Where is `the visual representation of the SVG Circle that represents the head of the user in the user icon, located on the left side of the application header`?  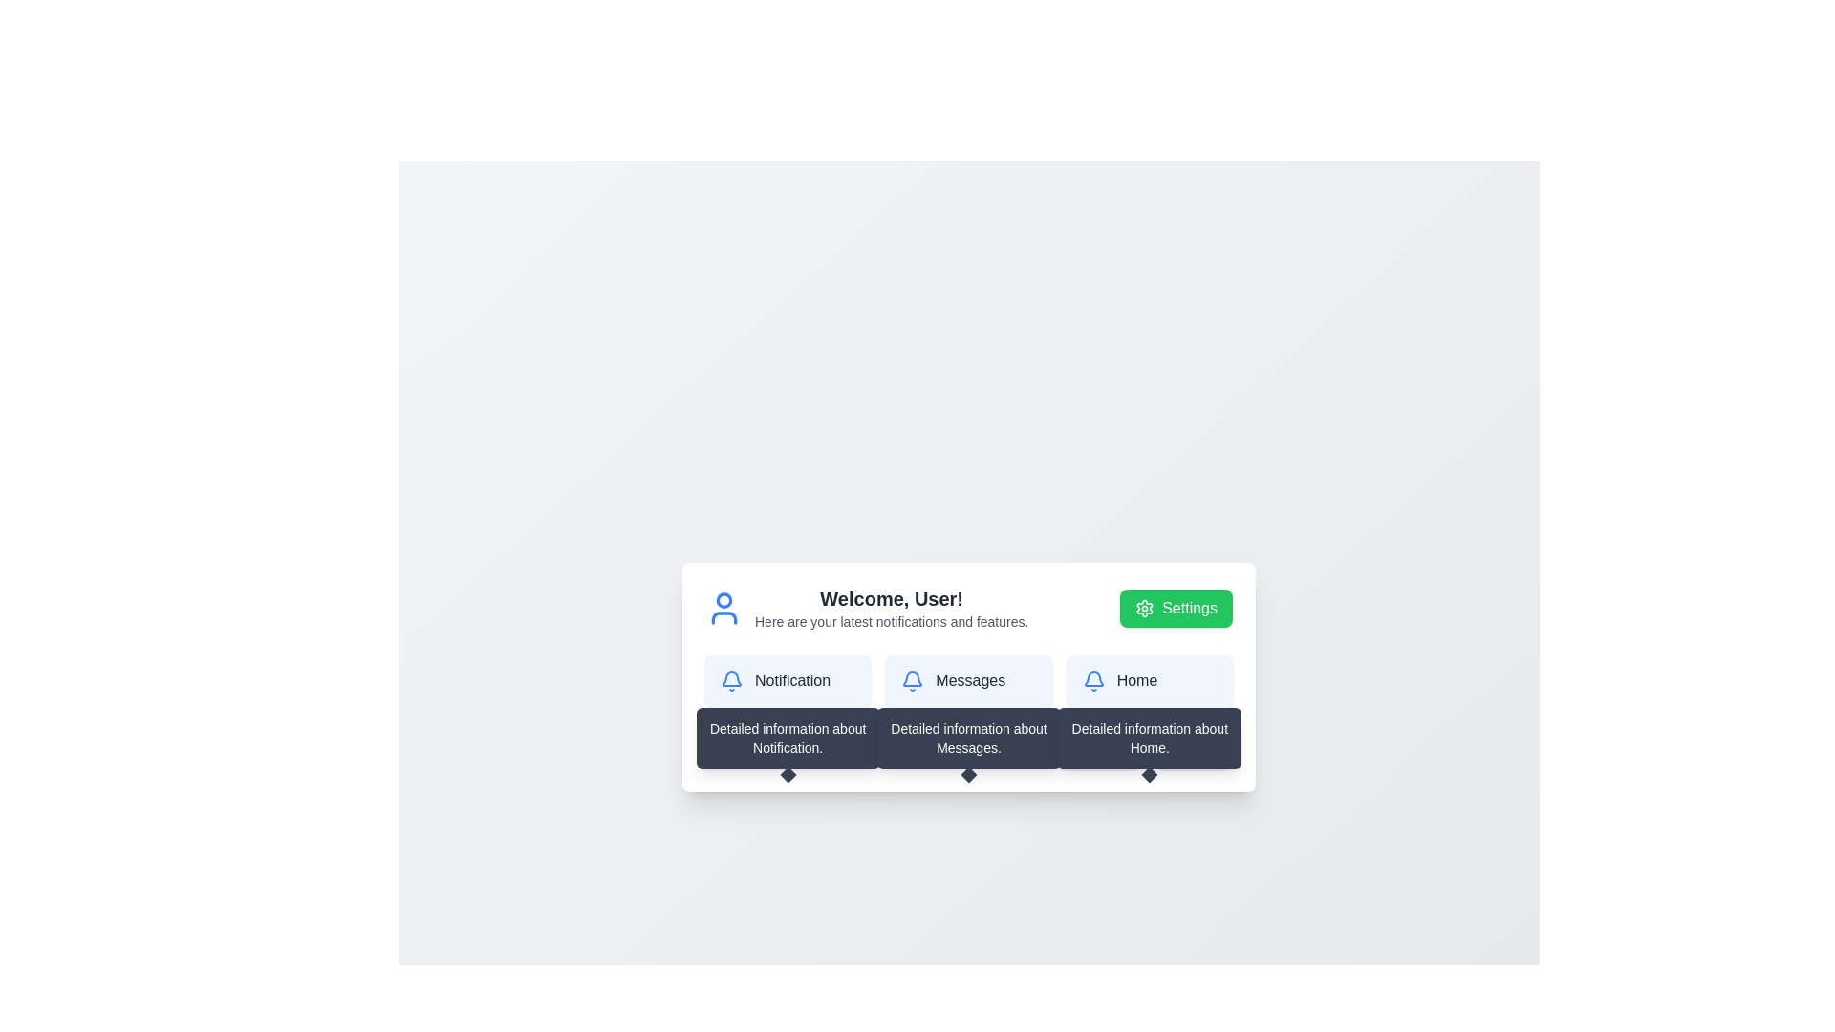 the visual representation of the SVG Circle that represents the head of the user in the user icon, located on the left side of the application header is located at coordinates (723, 599).